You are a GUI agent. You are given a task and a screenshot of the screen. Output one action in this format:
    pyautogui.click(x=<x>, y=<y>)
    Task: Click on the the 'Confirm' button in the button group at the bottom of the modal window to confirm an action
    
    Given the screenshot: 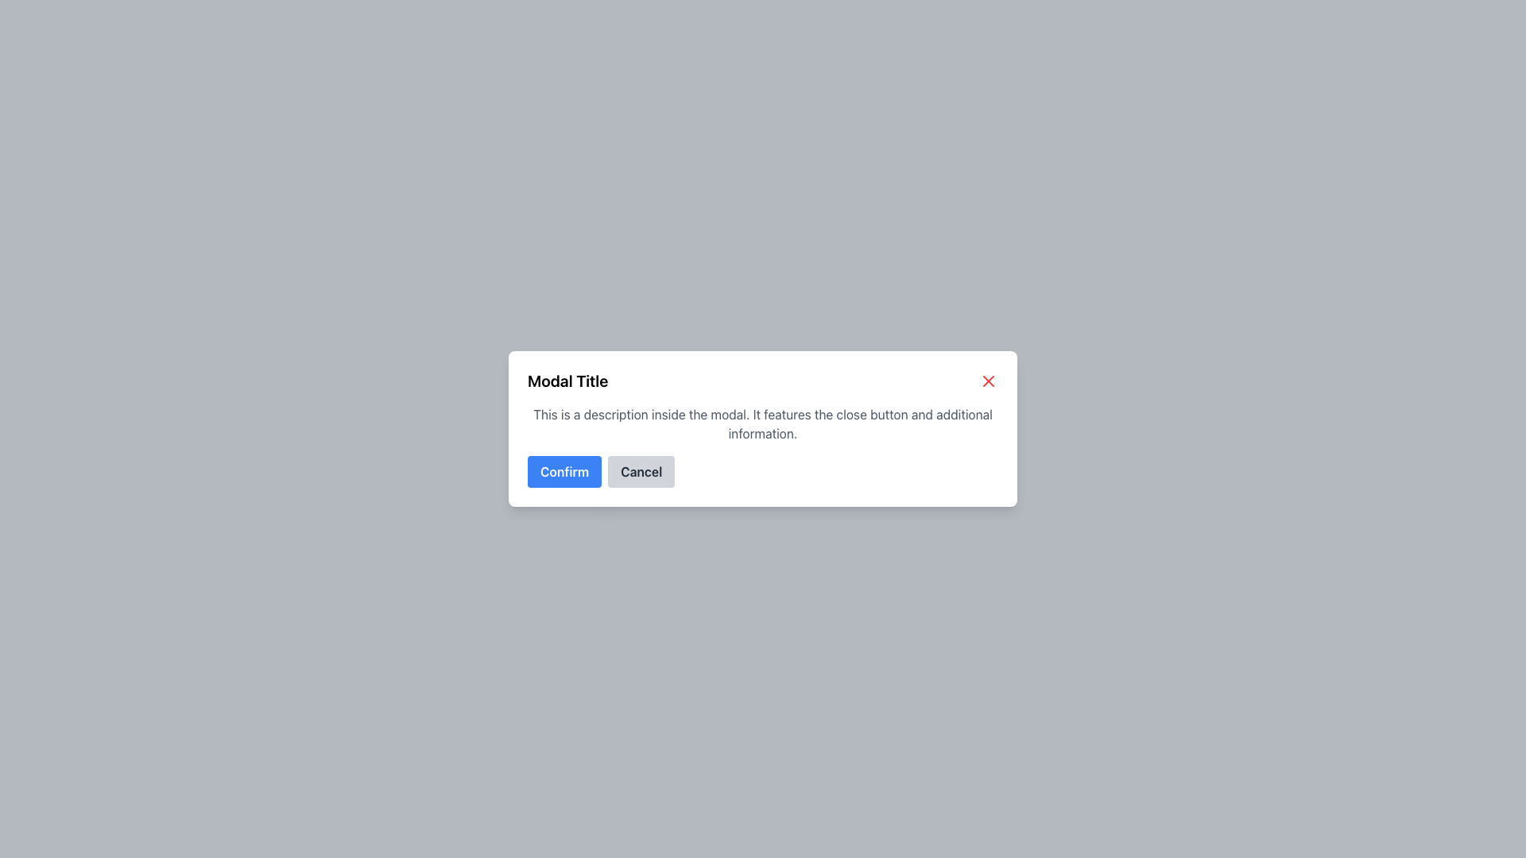 What is the action you would take?
    pyautogui.click(x=600, y=471)
    